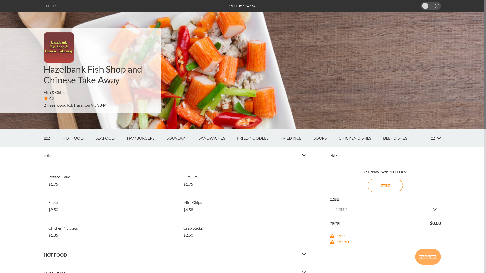  What do you see at coordinates (46, 6) in the screenshot?
I see `'EN'` at bounding box center [46, 6].